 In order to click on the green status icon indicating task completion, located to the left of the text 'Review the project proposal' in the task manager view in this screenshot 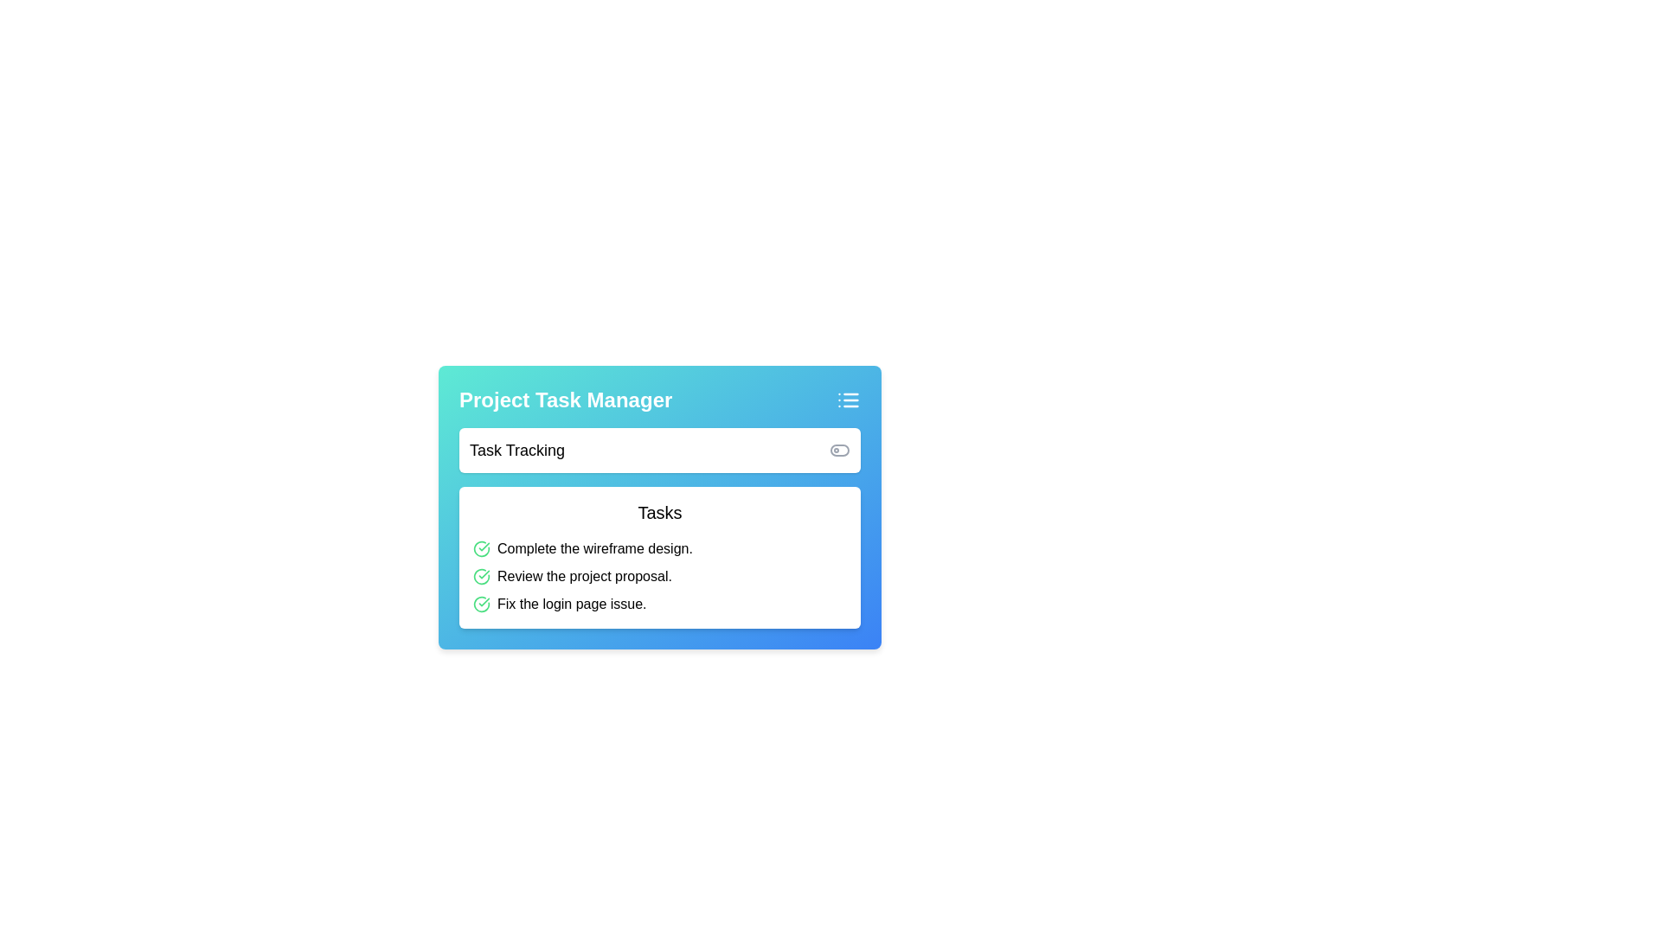, I will do `click(481, 577)`.